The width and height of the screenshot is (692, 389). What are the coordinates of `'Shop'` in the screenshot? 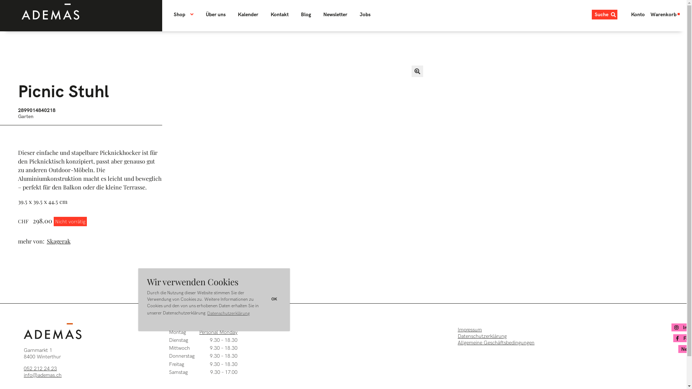 It's located at (186, 14).